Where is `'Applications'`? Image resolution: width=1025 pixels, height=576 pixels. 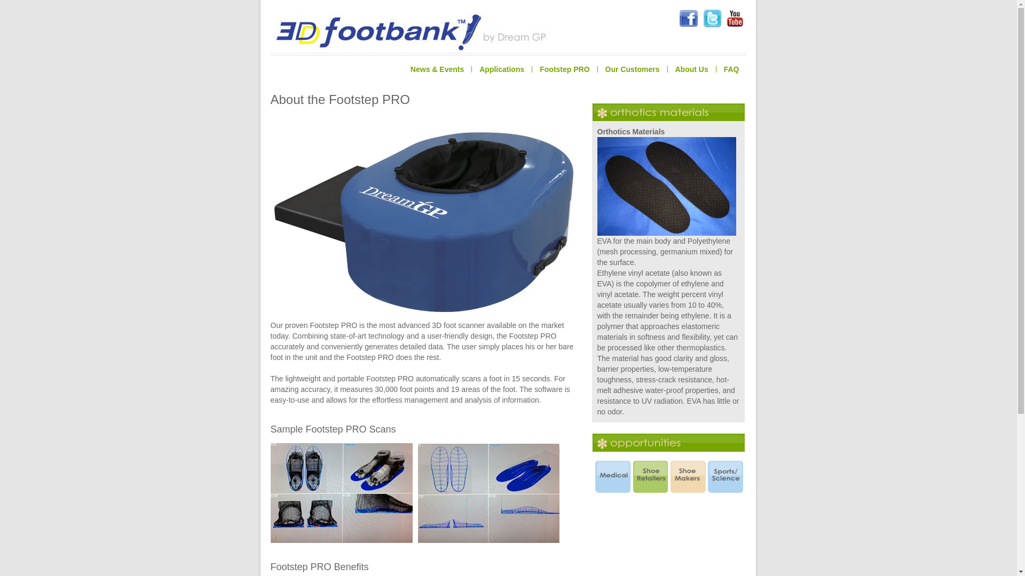
'Applications' is located at coordinates (471, 69).